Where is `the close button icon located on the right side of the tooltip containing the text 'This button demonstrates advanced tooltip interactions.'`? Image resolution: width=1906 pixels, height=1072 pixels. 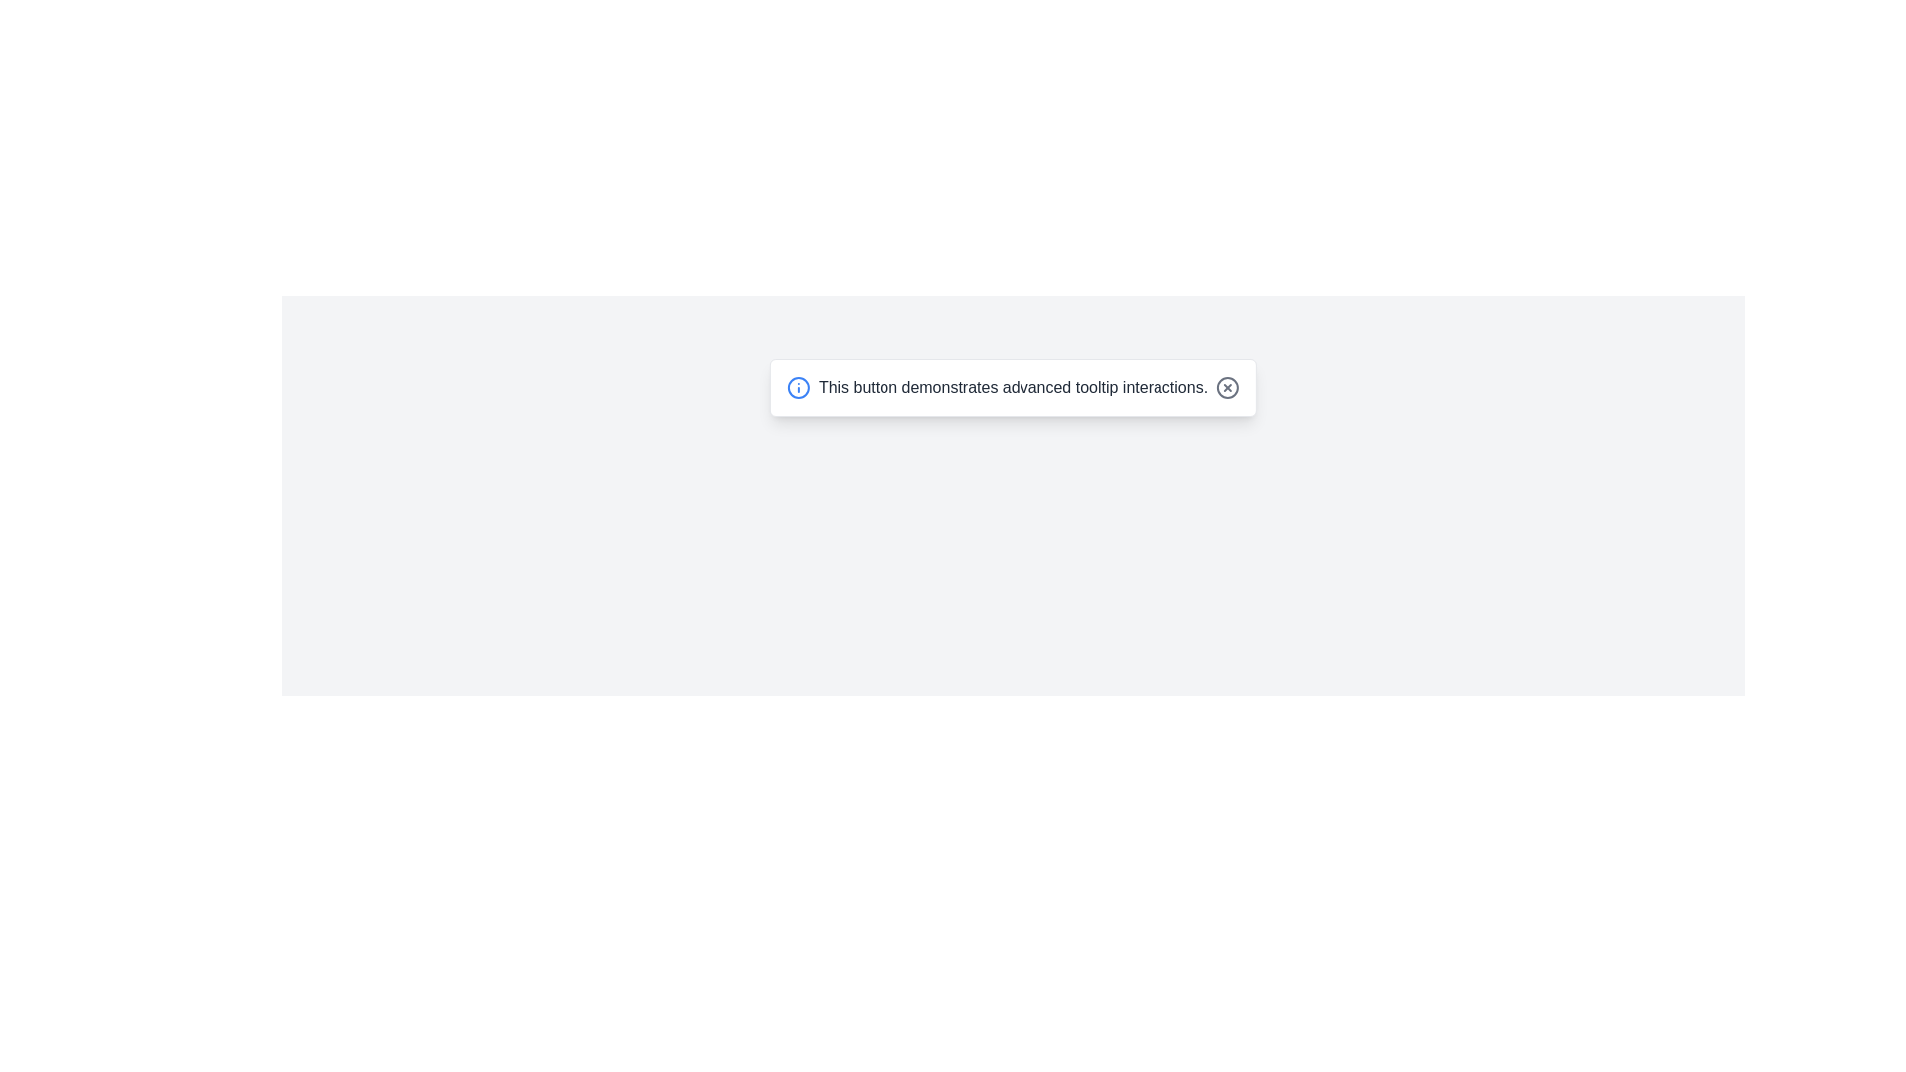 the close button icon located on the right side of the tooltip containing the text 'This button demonstrates advanced tooltip interactions.' is located at coordinates (1227, 387).